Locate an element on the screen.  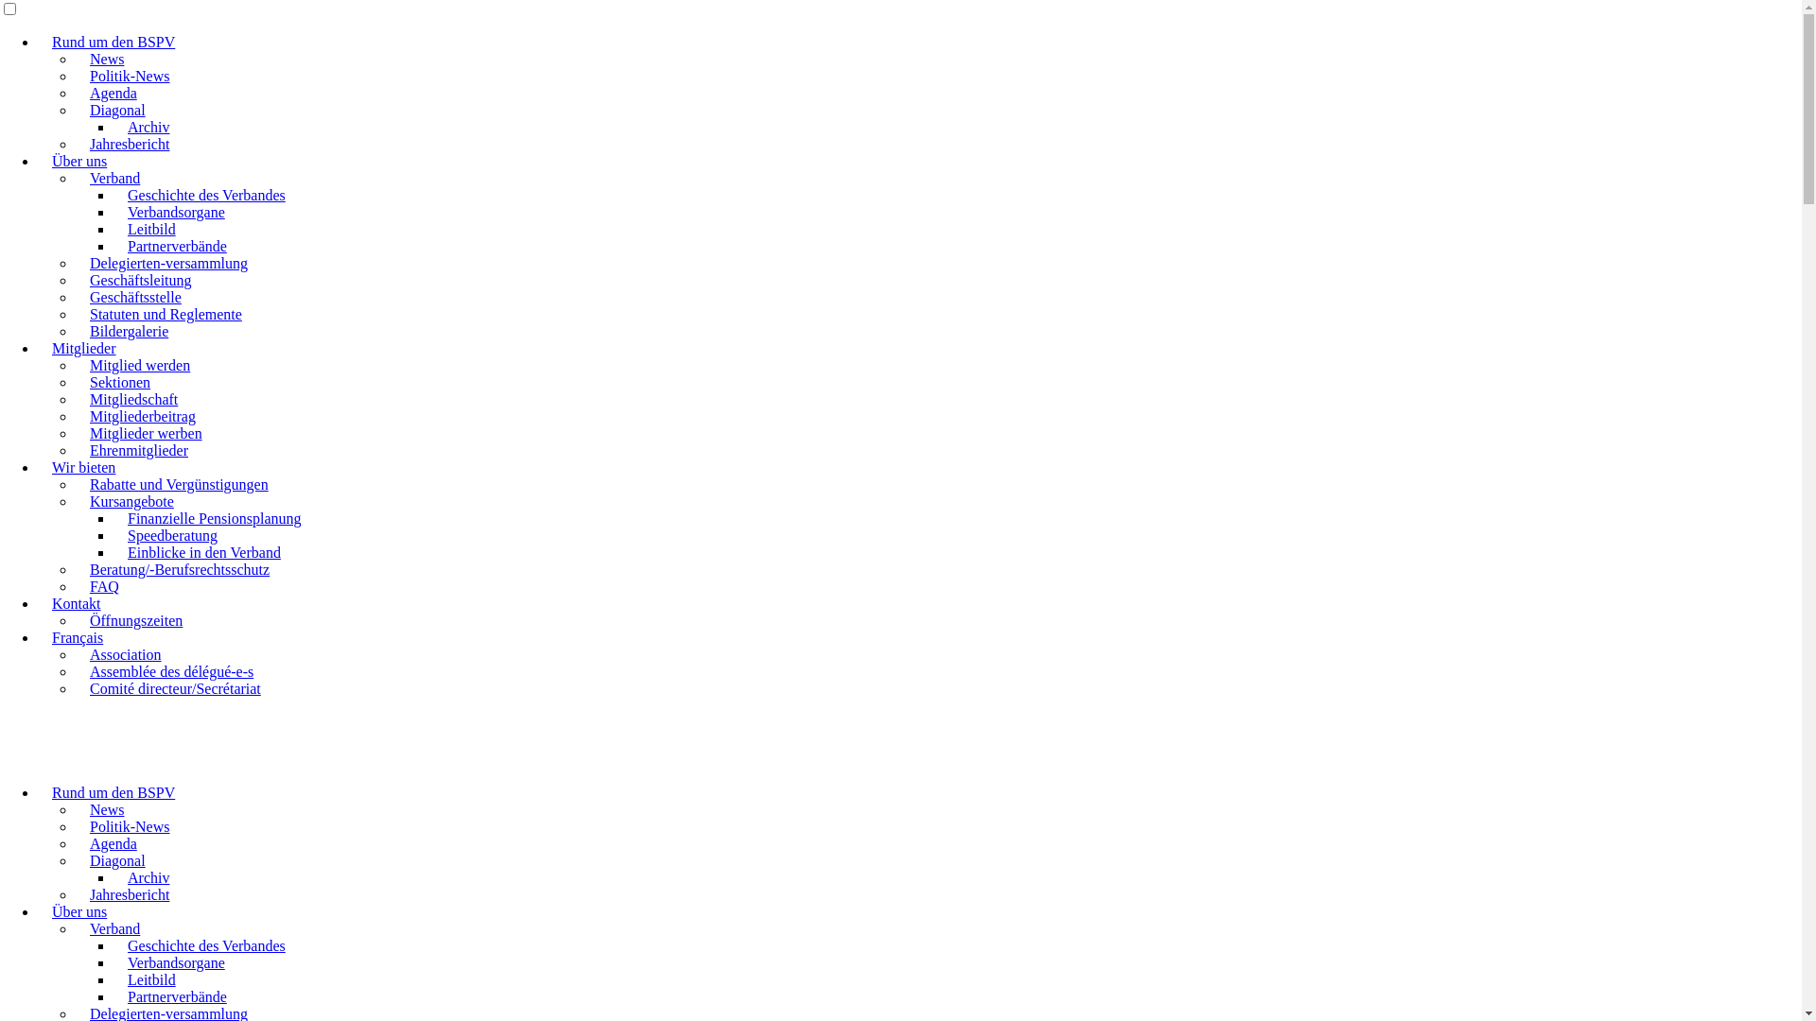
'News' is located at coordinates (106, 808).